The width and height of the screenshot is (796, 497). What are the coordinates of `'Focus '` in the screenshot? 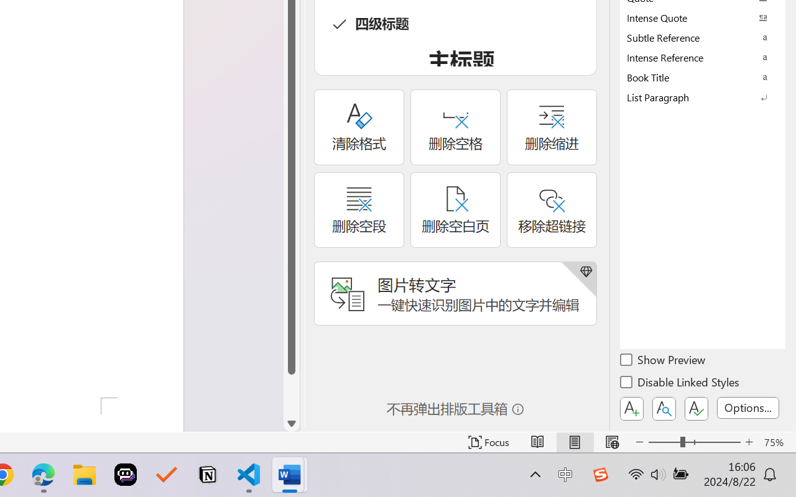 It's located at (488, 442).